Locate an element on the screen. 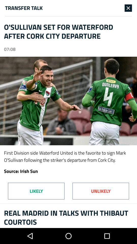 The height and width of the screenshot is (244, 137). item above the real madrid in item is located at coordinates (36, 191).